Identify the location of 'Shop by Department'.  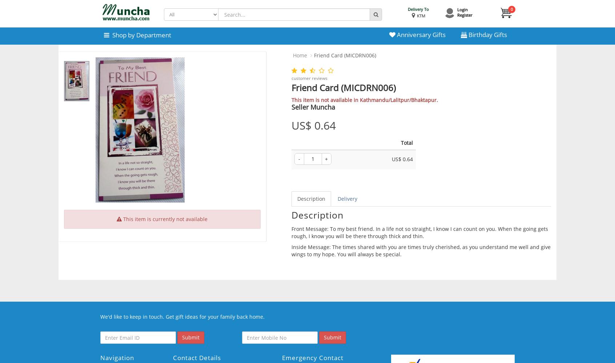
(140, 34).